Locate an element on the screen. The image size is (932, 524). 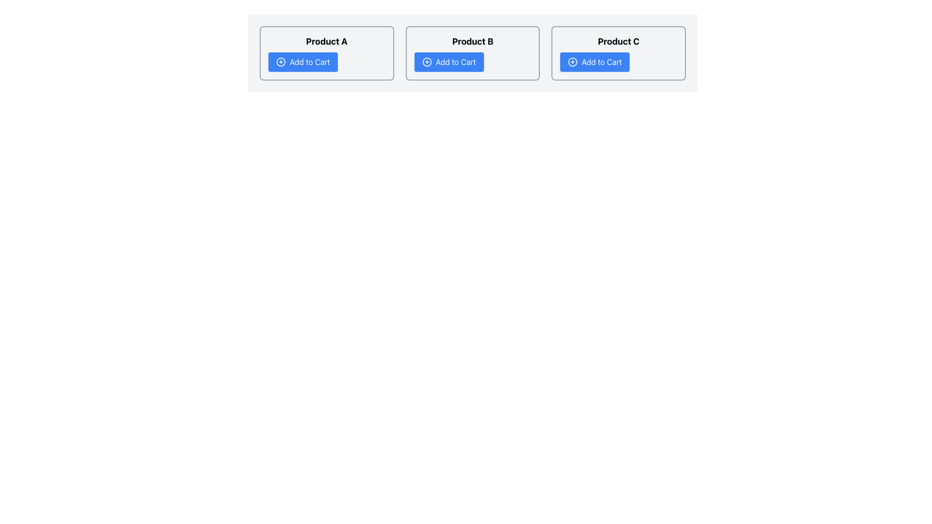
the 'Add to Cart' button located within the card labeled 'Product C', which is the third card in a horizontal grid layout is located at coordinates (618, 53).